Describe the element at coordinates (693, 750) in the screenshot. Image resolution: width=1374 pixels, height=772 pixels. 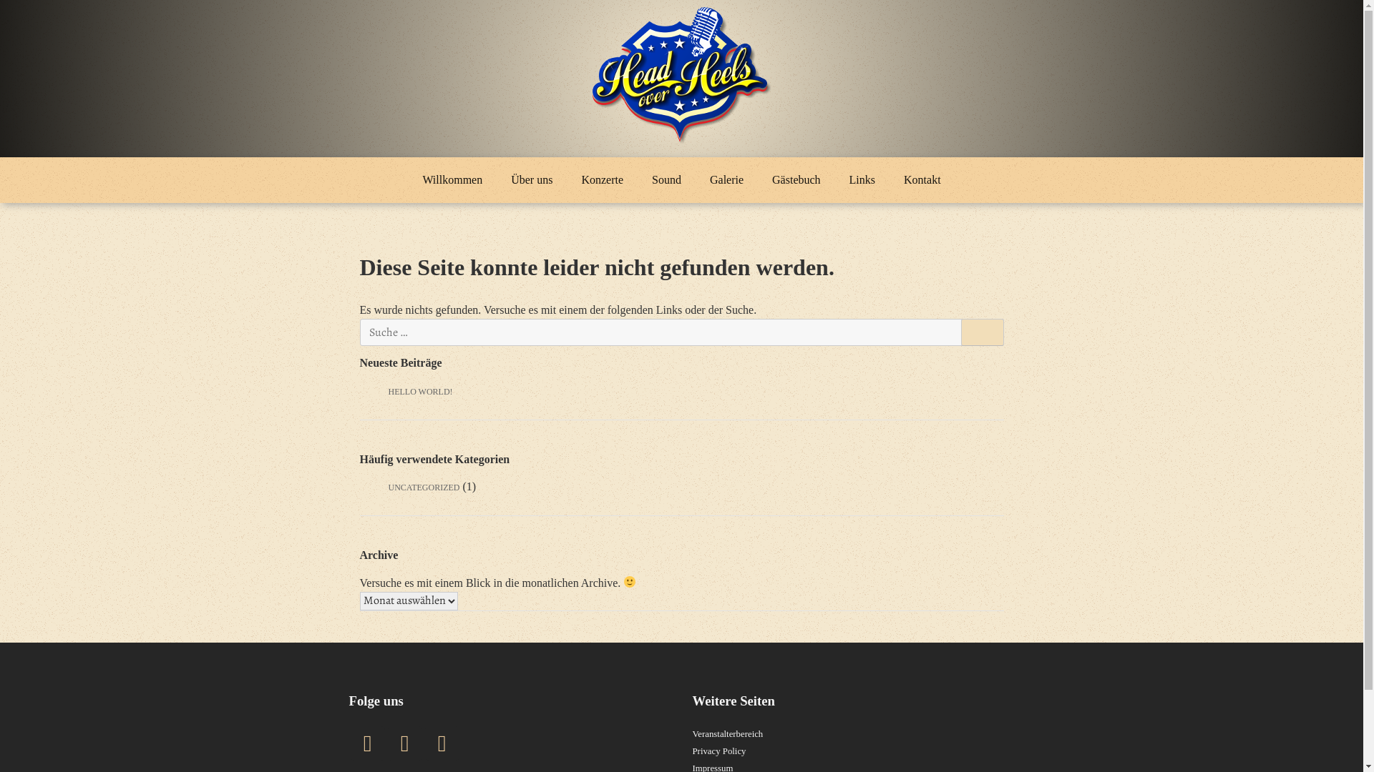
I see `'Privacy Policy'` at that location.